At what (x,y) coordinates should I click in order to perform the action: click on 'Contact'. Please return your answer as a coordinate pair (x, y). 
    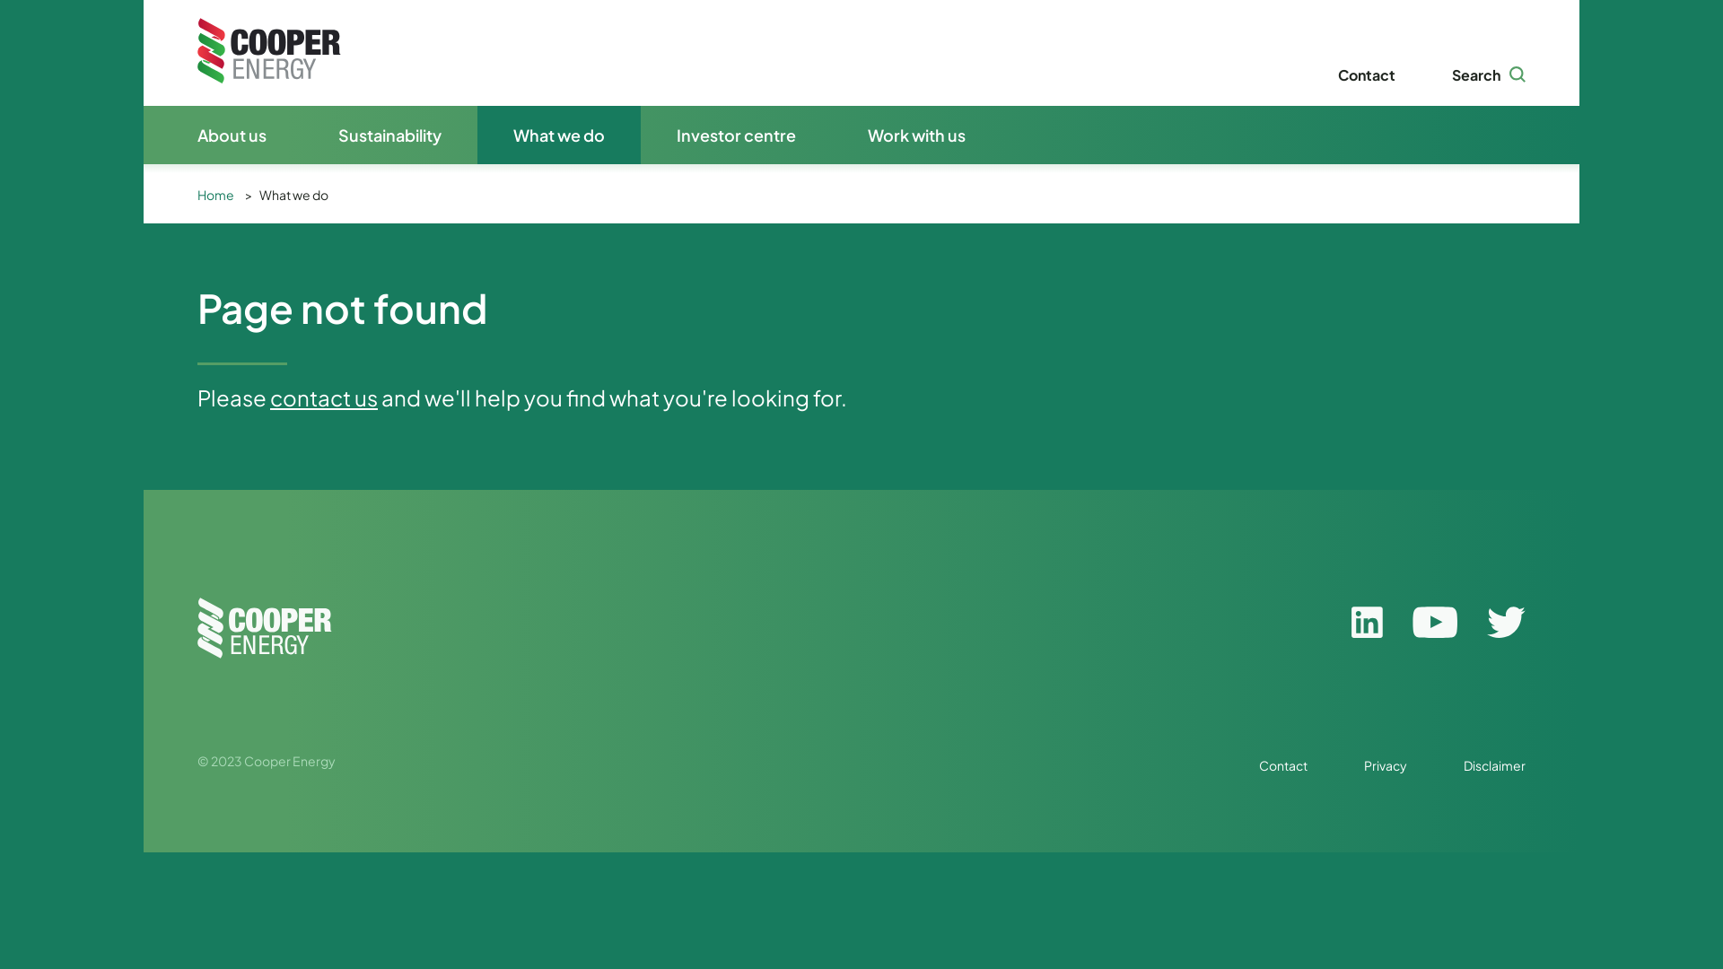
    Looking at the image, I should click on (1282, 764).